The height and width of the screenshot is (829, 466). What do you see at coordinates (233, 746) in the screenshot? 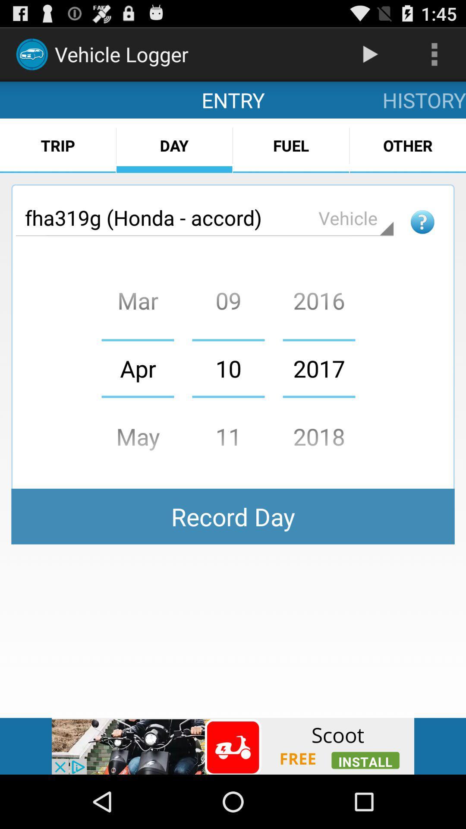
I see `advertisement website` at bounding box center [233, 746].